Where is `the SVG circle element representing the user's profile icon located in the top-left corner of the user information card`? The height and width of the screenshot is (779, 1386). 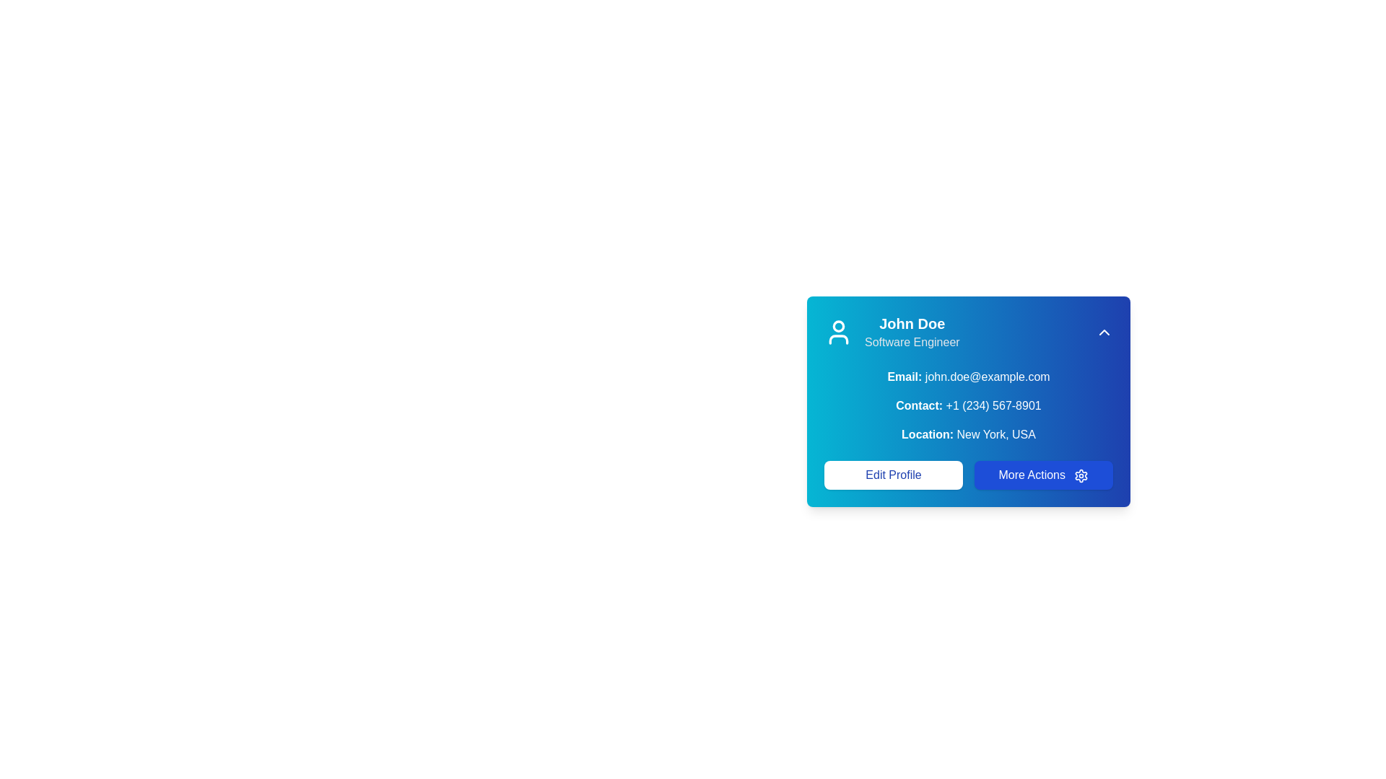 the SVG circle element representing the user's profile icon located in the top-left corner of the user information card is located at coordinates (838, 325).